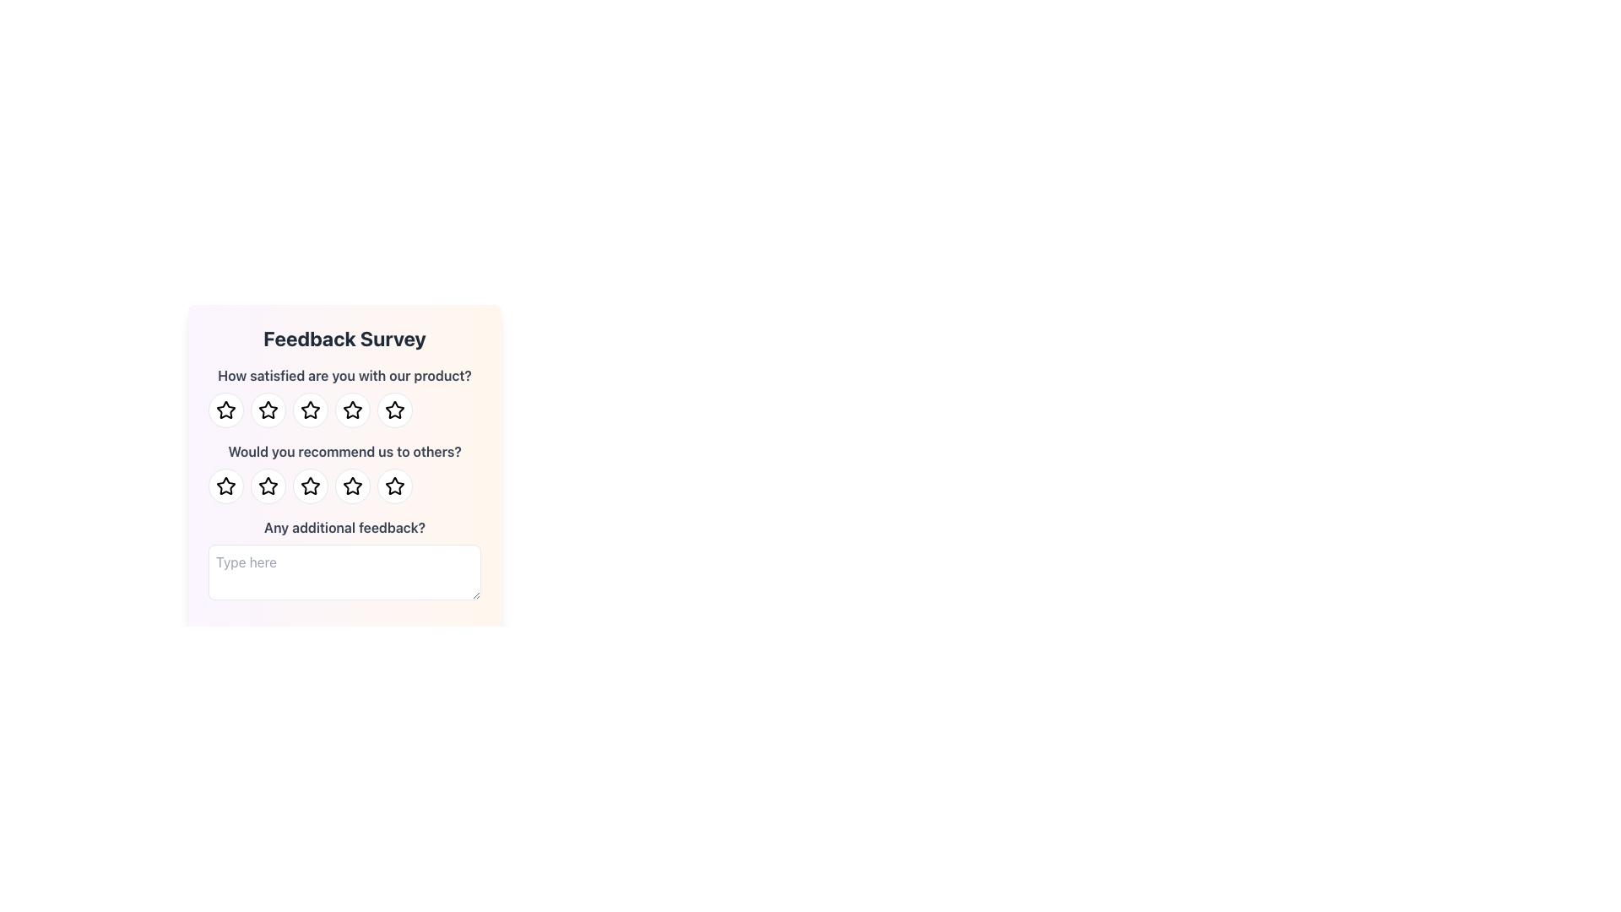 This screenshot has width=1621, height=912. I want to click on the second star icon in the rating widget located beneath the 'Would you recommend us to others?' prompt, so click(267, 486).